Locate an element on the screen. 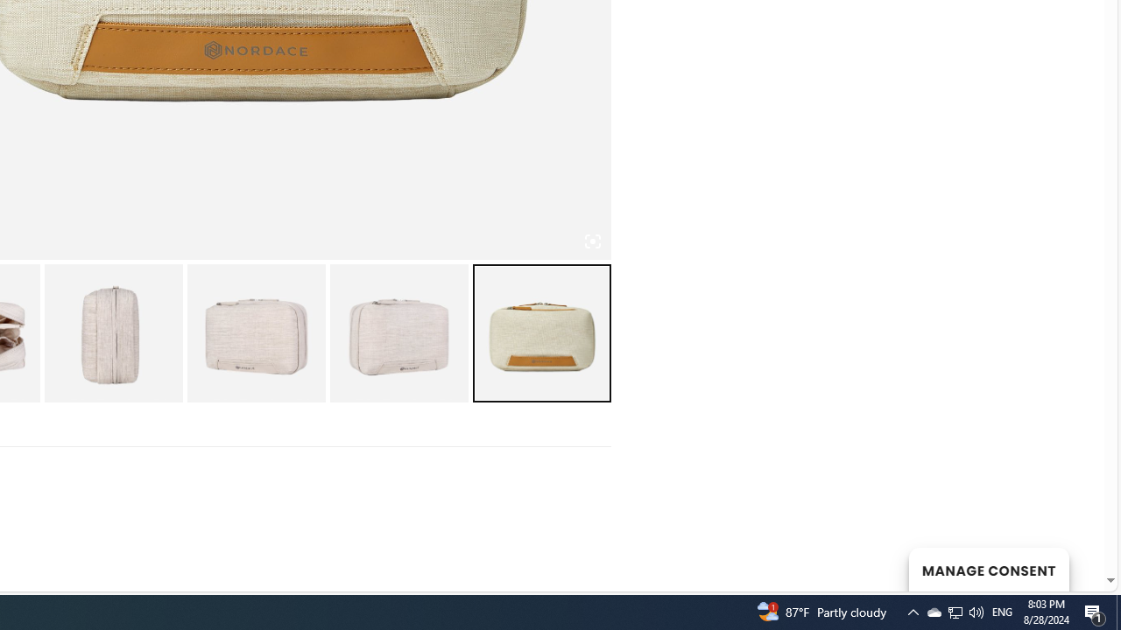  'Class: iconic-woothumbs-fullscreen' is located at coordinates (592, 241).